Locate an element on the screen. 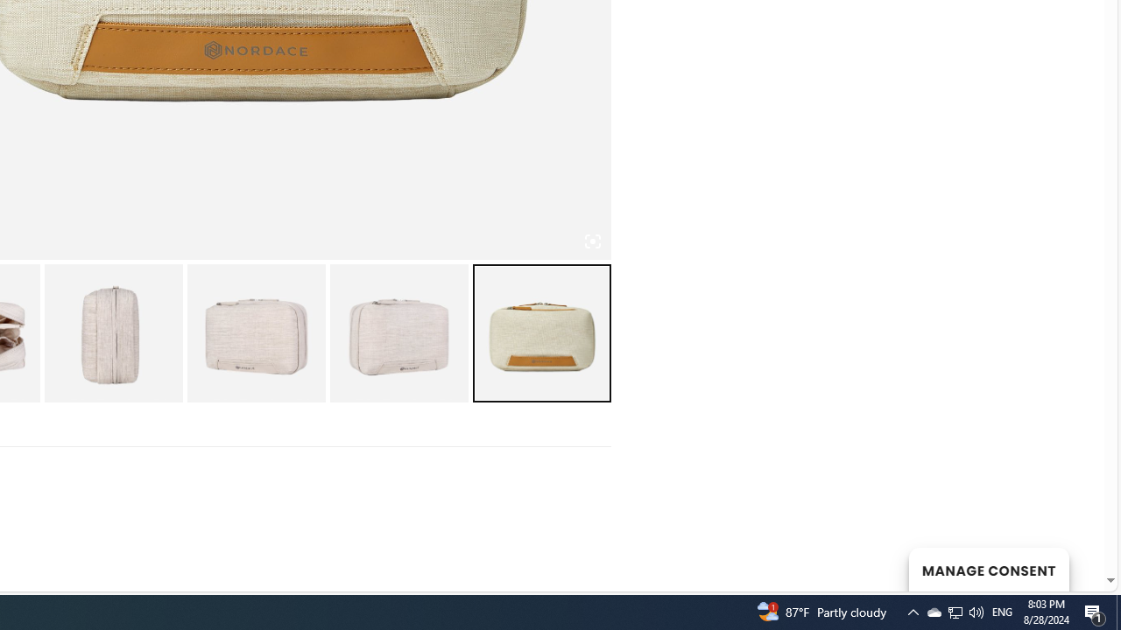  'Class: iconic-woothumbs-fullscreen' is located at coordinates (592, 241).